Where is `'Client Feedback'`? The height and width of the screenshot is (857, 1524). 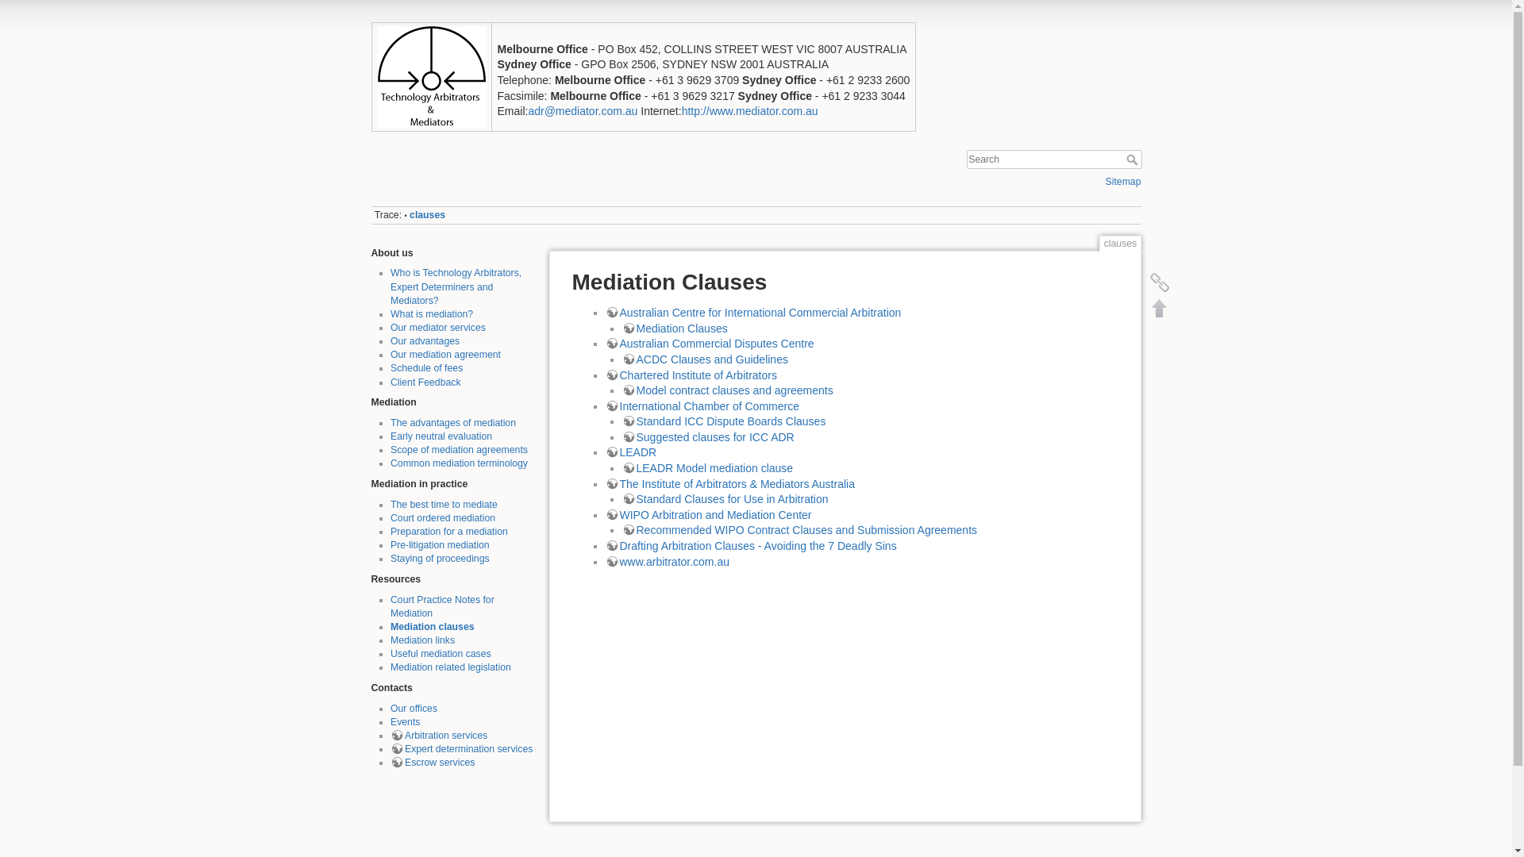 'Client Feedback' is located at coordinates (425, 382).